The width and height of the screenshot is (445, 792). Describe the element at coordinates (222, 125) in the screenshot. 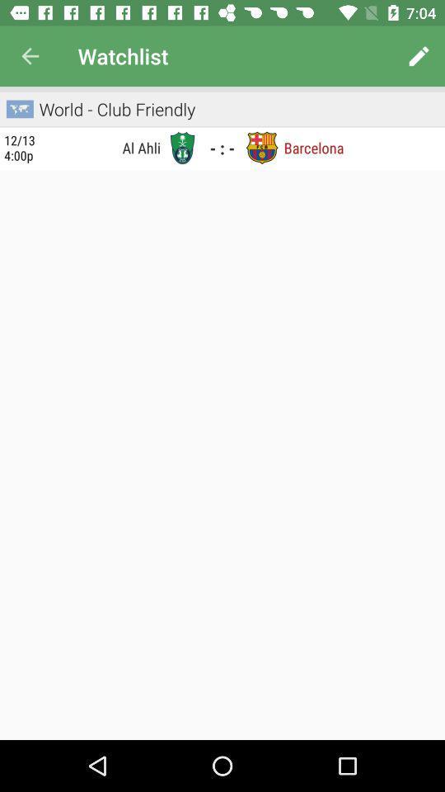

I see `icon above the - : -` at that location.